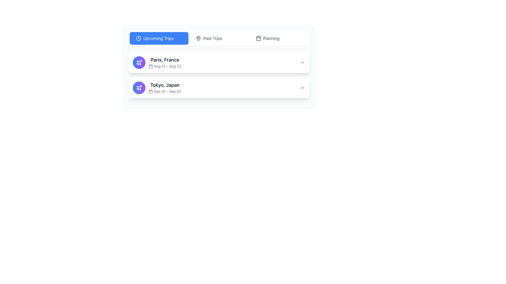 The image size is (506, 284). Describe the element at coordinates (150, 91) in the screenshot. I see `the calendar icon located to the left of the date range 'Sep 10 - Sep 20' in the second trip card for 'Tokyo, Japan'` at that location.